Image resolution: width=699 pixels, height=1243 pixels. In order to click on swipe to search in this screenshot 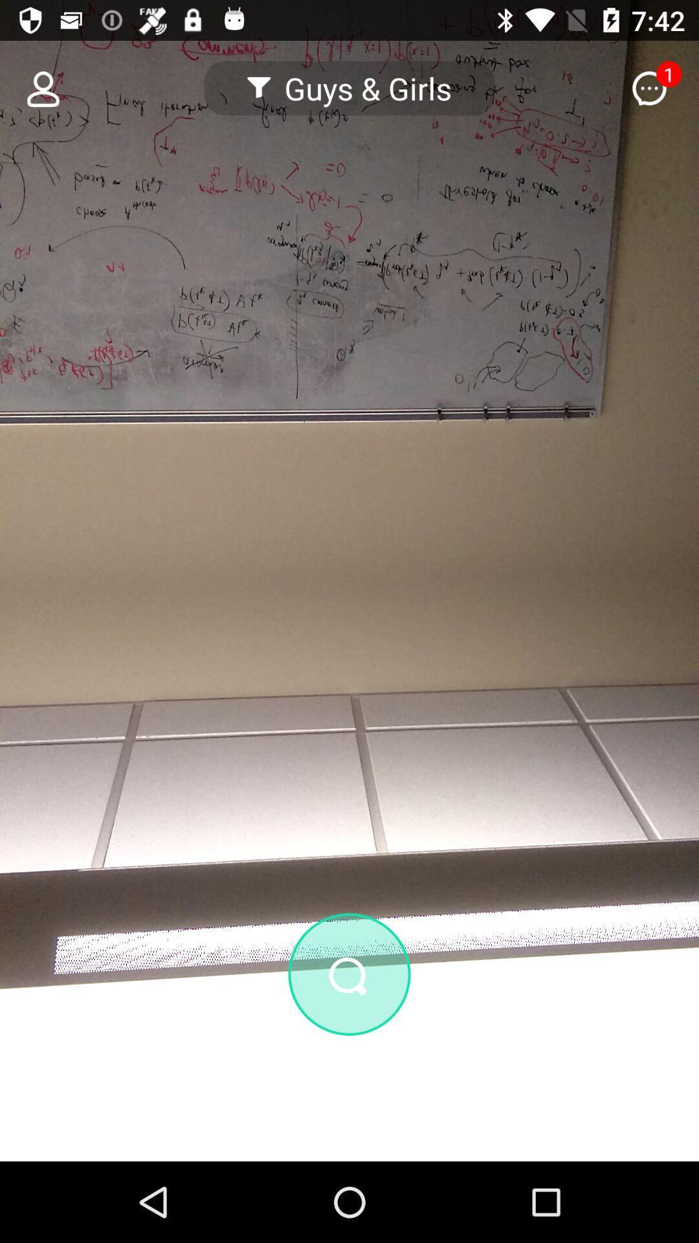, I will do `click(349, 1044)`.